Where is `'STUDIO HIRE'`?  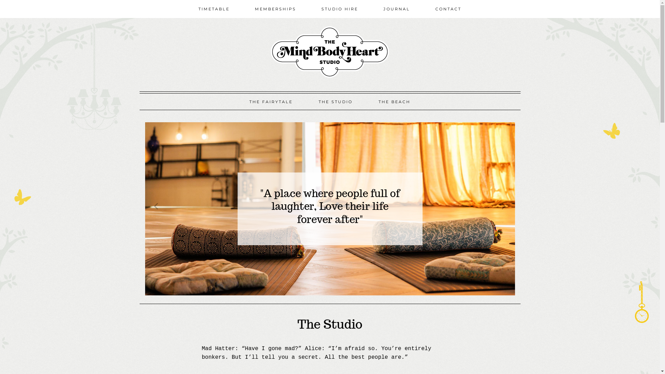
'STUDIO HIRE' is located at coordinates (339, 9).